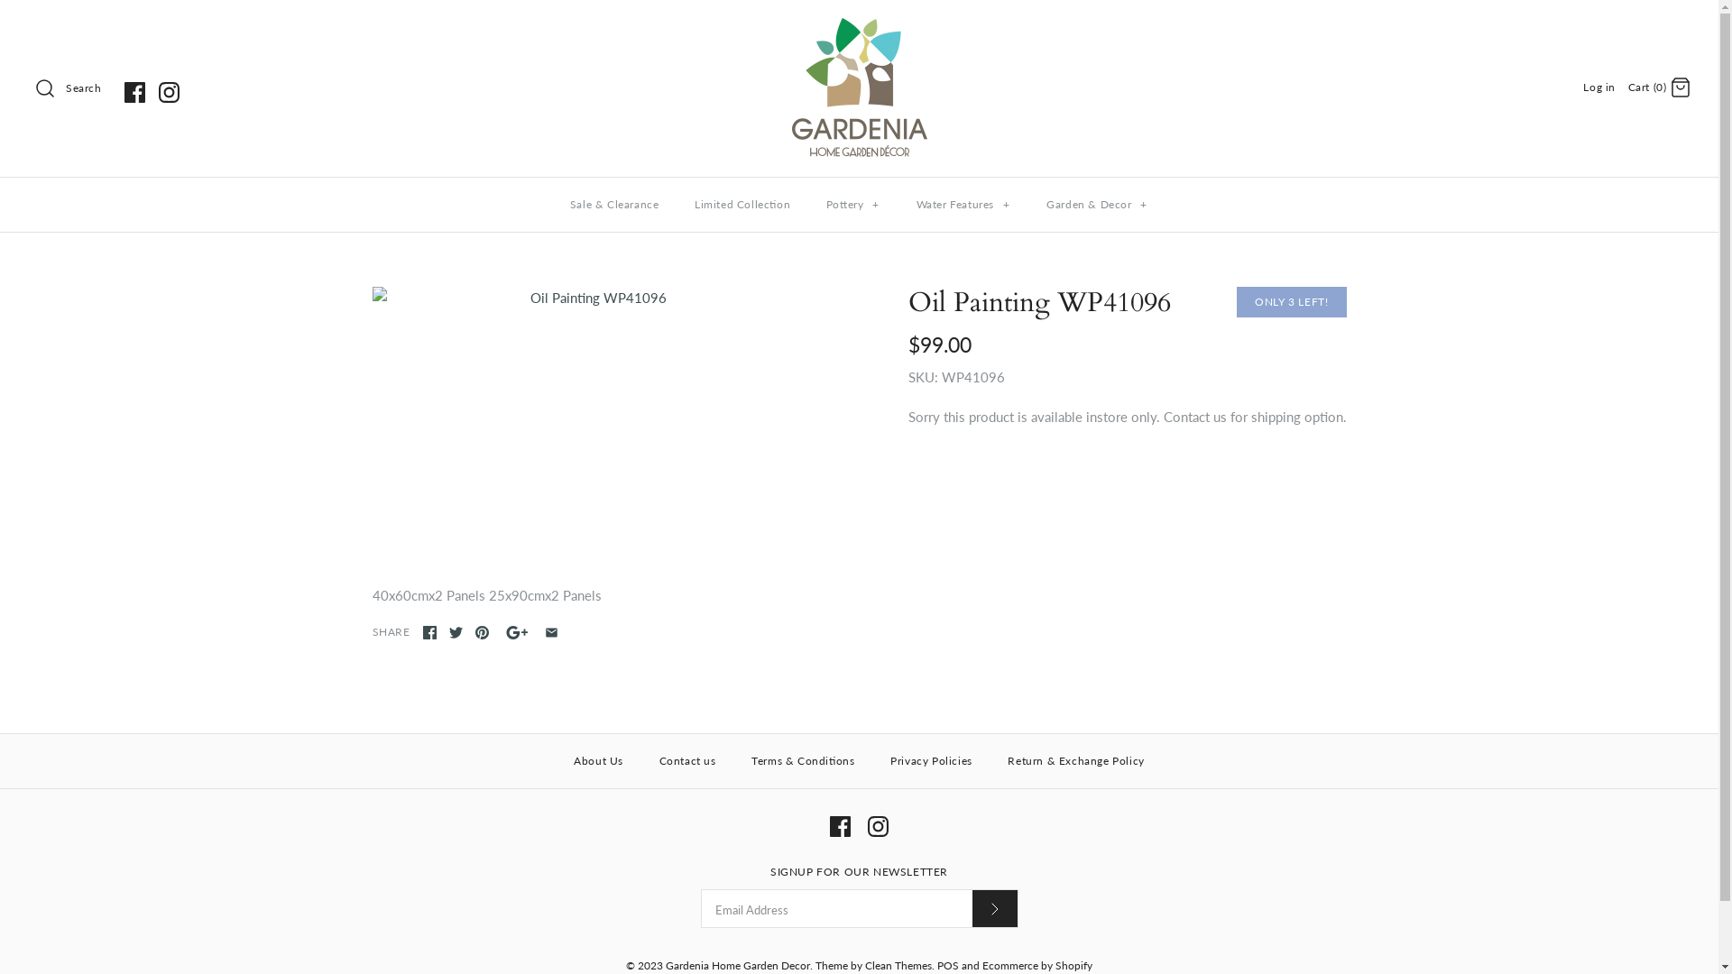 The height and width of the screenshot is (974, 1732). Describe the element at coordinates (801, 761) in the screenshot. I see `'Terms & Conditions'` at that location.